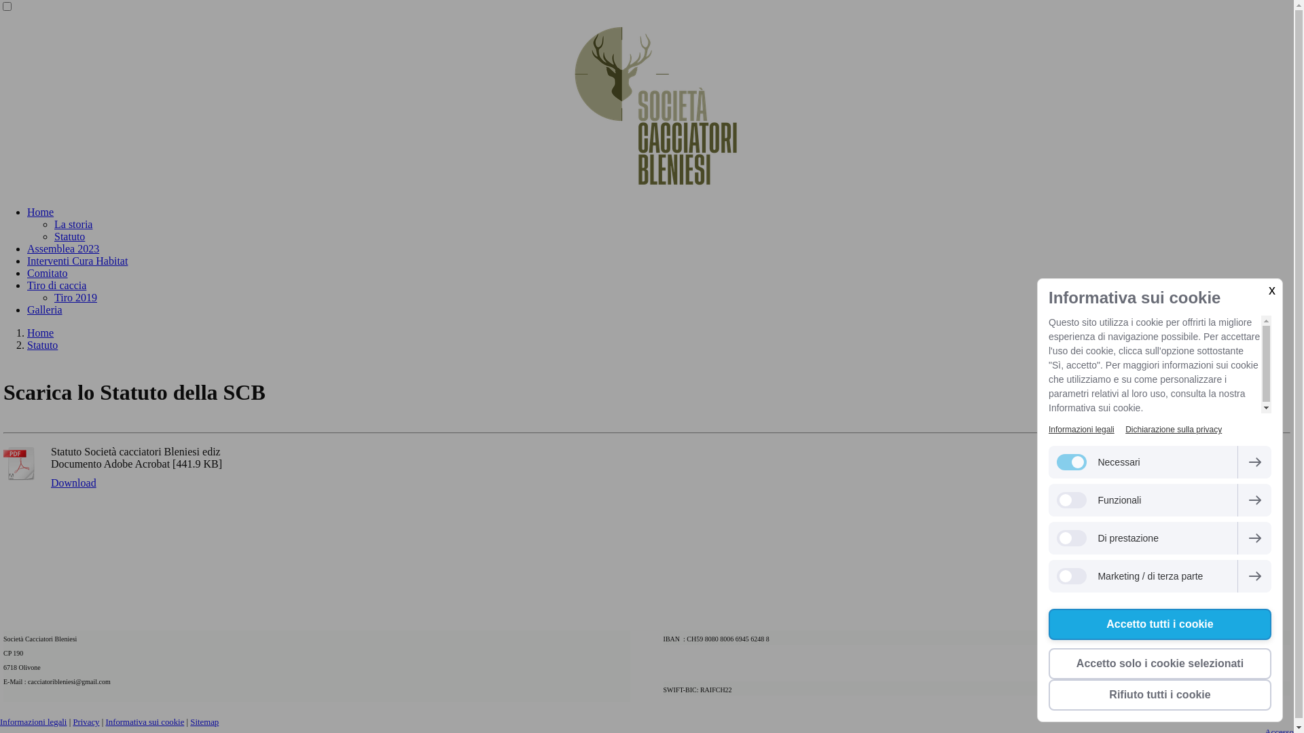 This screenshot has width=1304, height=733. What do you see at coordinates (73, 483) in the screenshot?
I see `'Download'` at bounding box center [73, 483].